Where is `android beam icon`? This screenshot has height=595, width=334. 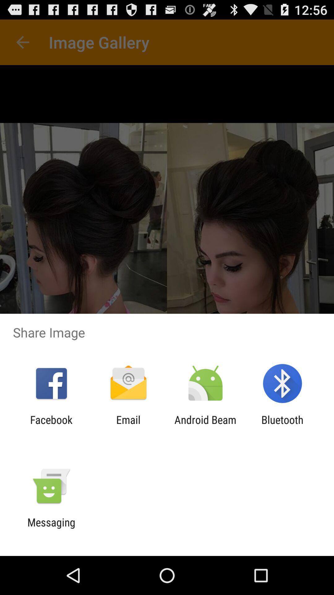 android beam icon is located at coordinates (205, 426).